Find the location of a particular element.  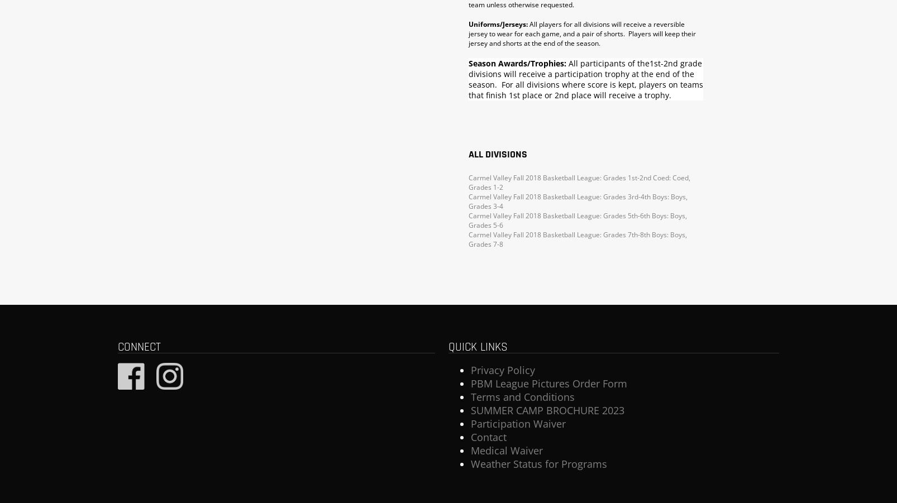

'PBM League Pictures Order Form' is located at coordinates (470, 384).